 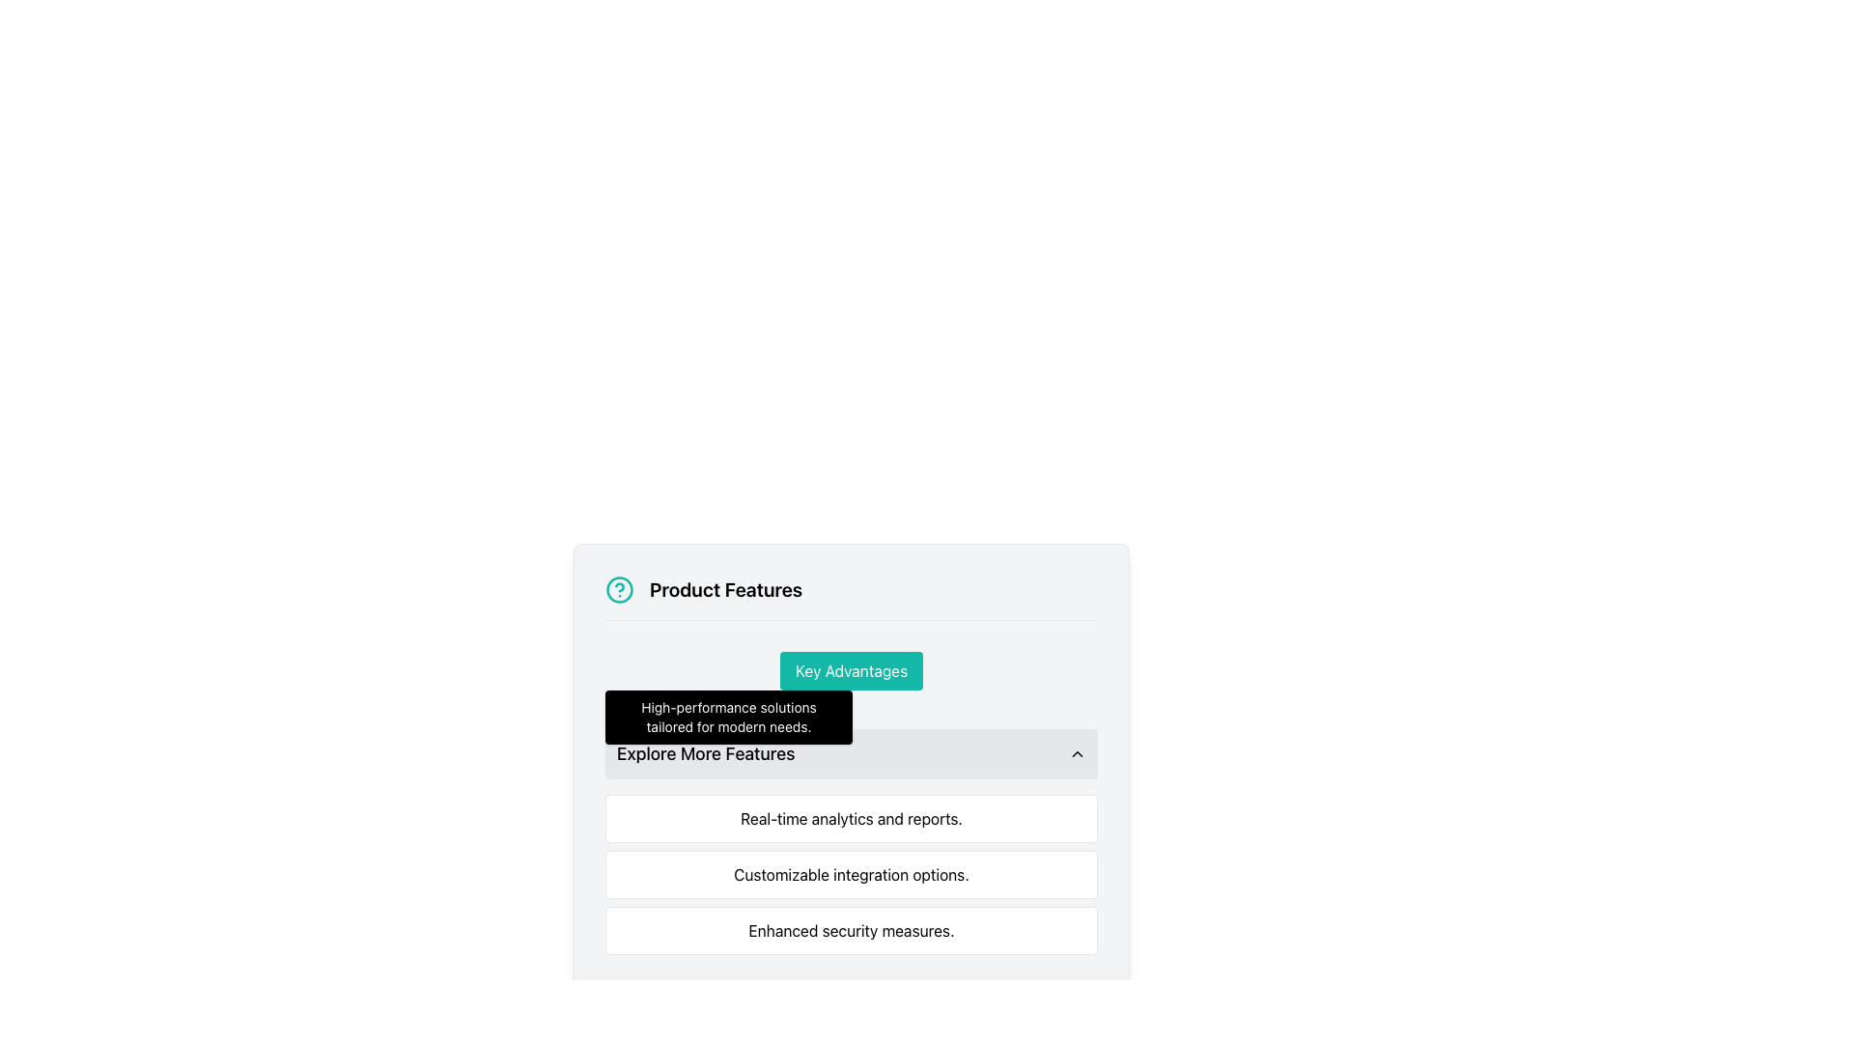 What do you see at coordinates (727, 718) in the screenshot?
I see `the black rectangular tooltip with rounded corners containing the text 'High-performance solutions tailored for modern needs.' positioned below the 'Key Advantages' button in the 'Product Features' section` at bounding box center [727, 718].